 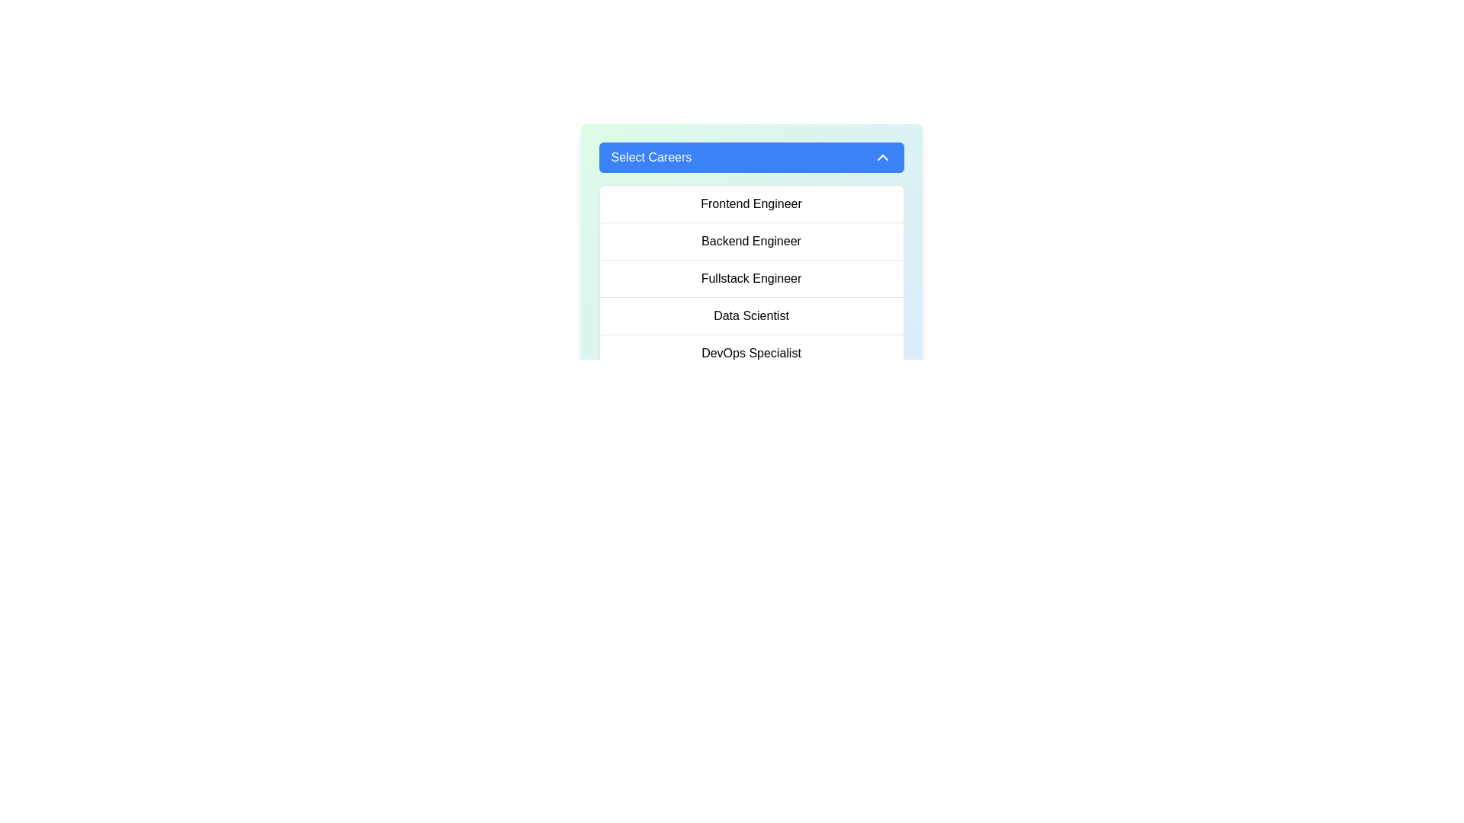 What do you see at coordinates (751, 203) in the screenshot?
I see `the 'Frontend Engineer' option in the 'Select Careers' dropdown menu` at bounding box center [751, 203].